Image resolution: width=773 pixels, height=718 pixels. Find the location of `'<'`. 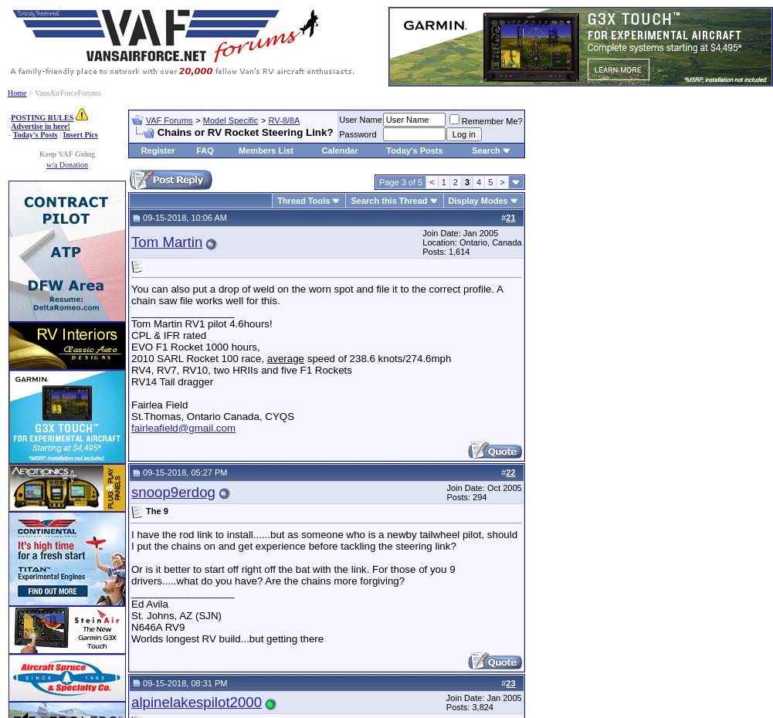

'<' is located at coordinates (430, 182).